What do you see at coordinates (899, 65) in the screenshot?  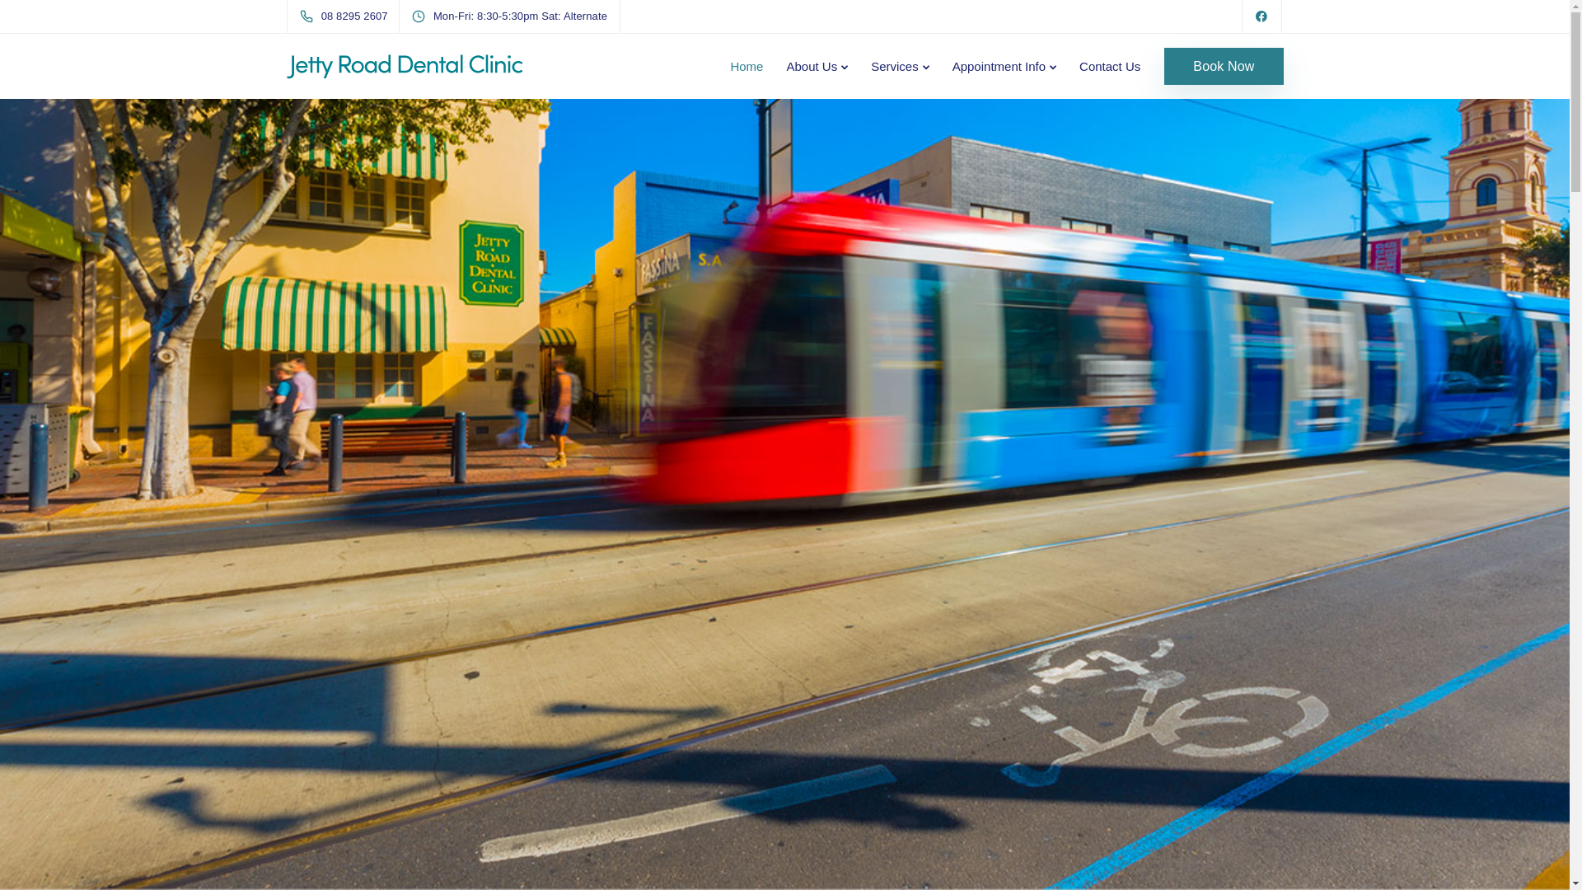 I see `'Services'` at bounding box center [899, 65].